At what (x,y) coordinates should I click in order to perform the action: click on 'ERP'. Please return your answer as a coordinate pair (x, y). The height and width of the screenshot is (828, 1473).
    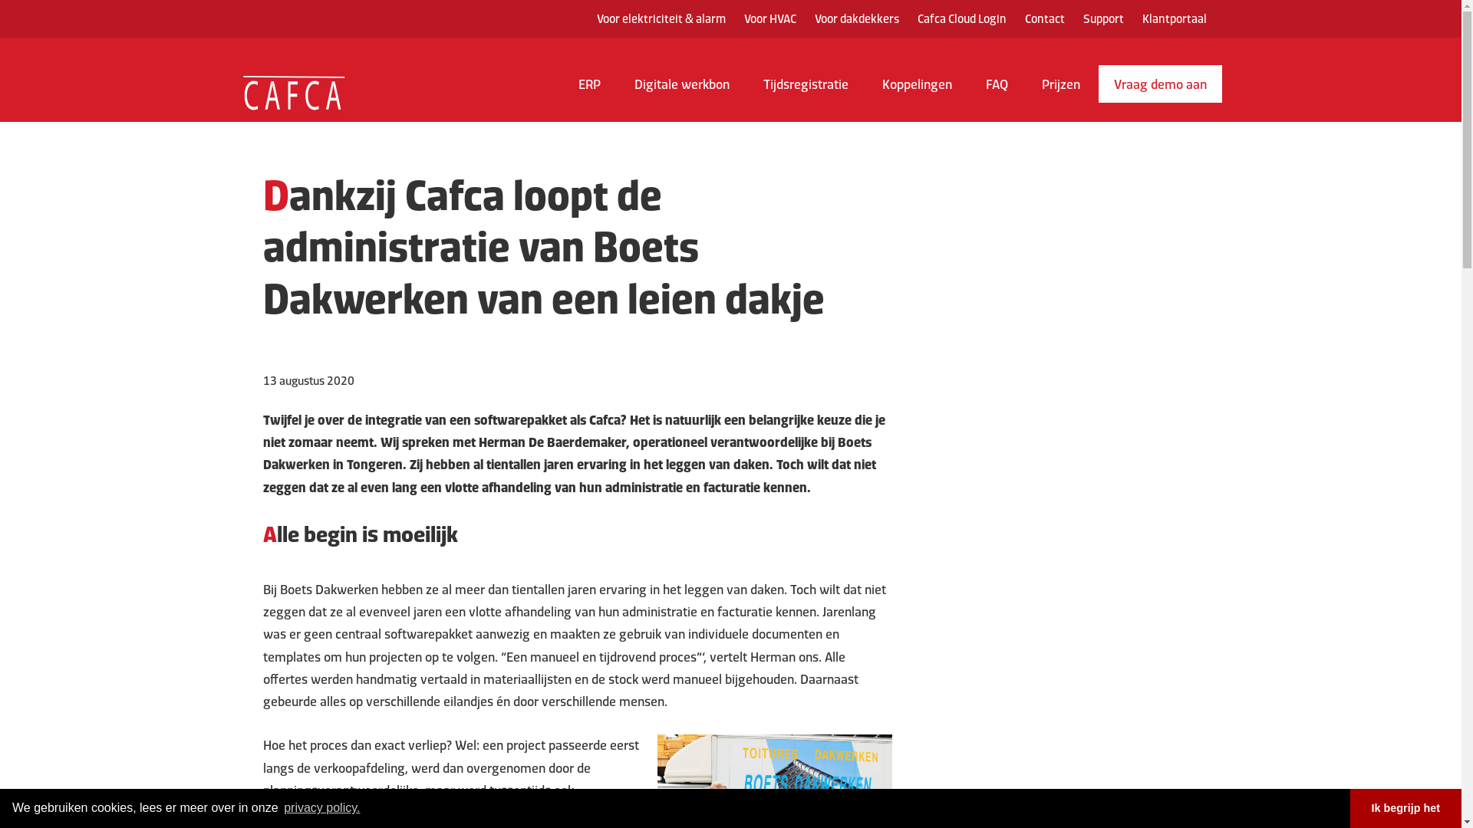
    Looking at the image, I should click on (588, 90).